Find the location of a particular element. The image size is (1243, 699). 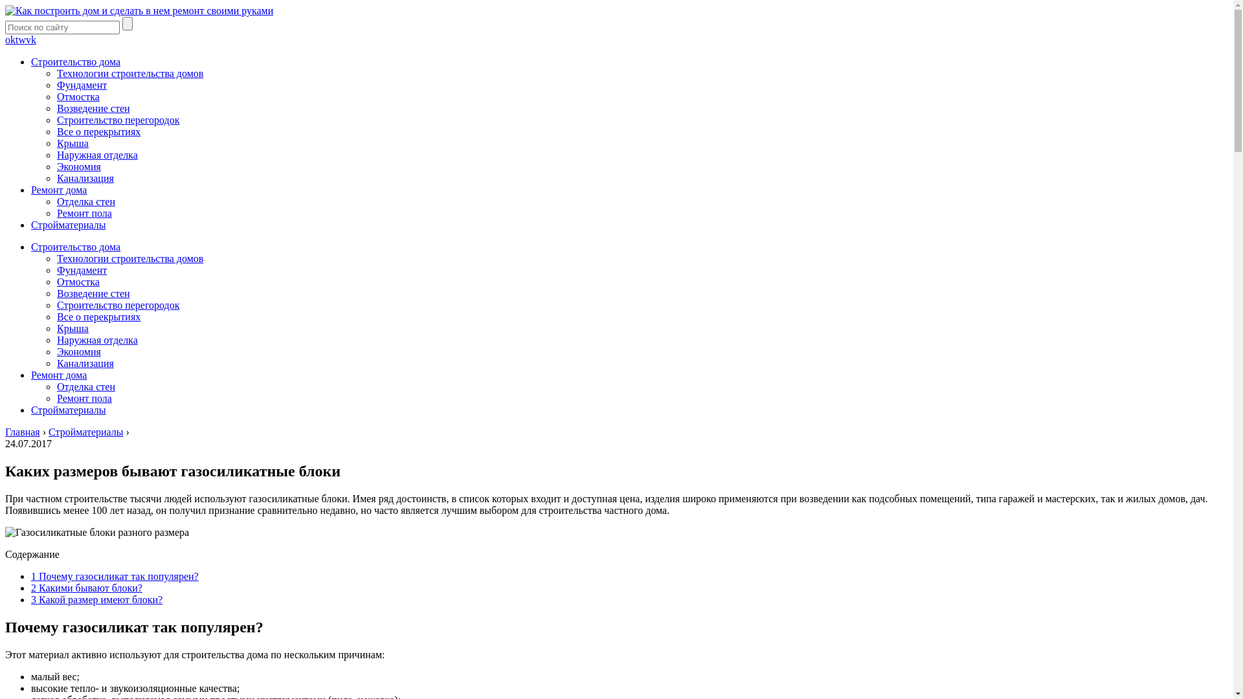

'tw' is located at coordinates (16, 39).